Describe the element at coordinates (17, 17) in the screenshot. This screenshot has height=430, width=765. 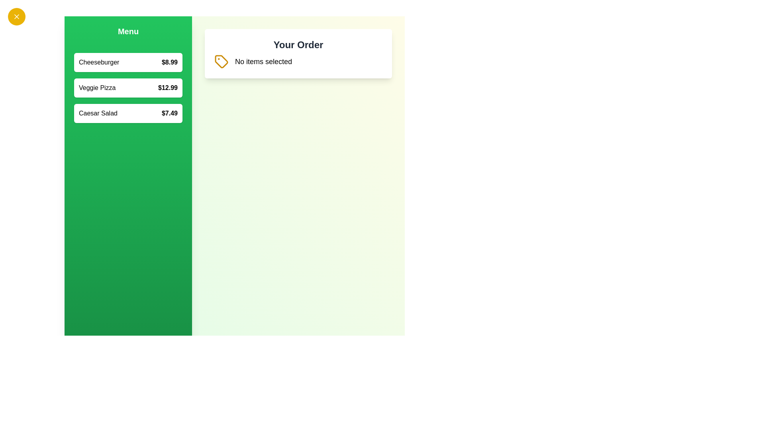
I see `the toggle button in the top-left corner to change the drawer's state` at that location.